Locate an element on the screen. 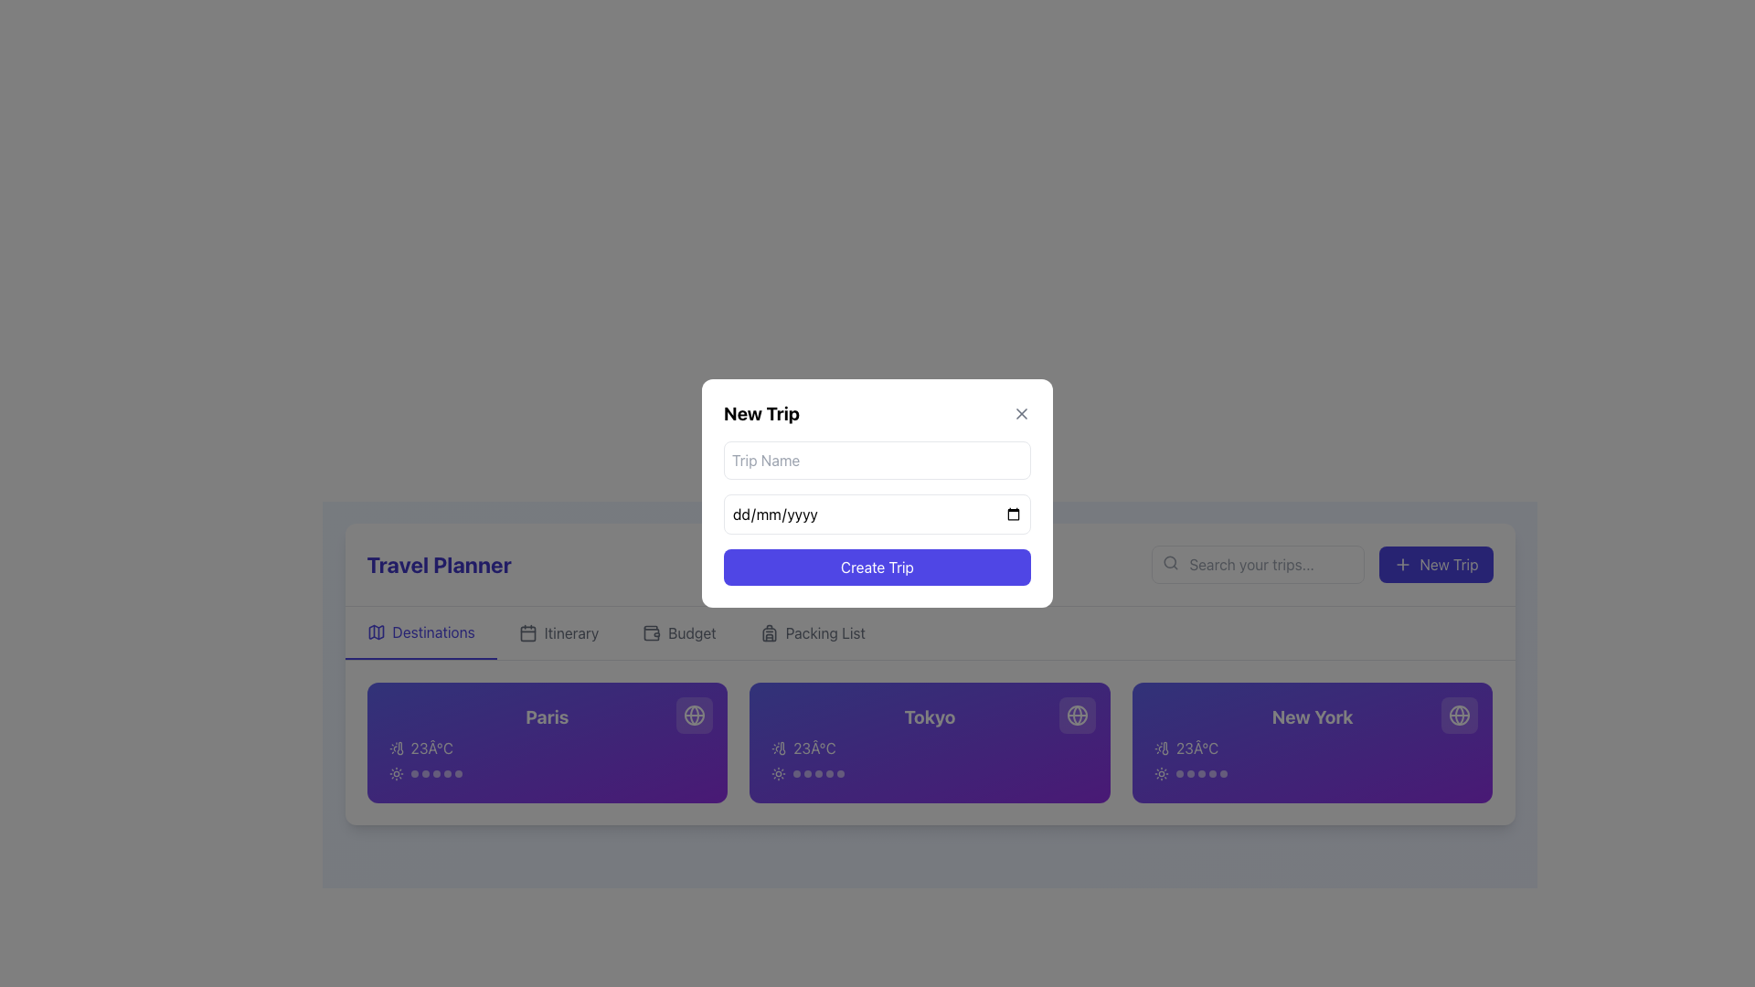 The height and width of the screenshot is (987, 1755). the thermometer icon with sun rays, styled in a minimalistic line design, located in the purple-shaded card for Tokyo in the weather data section is located at coordinates (779, 748).